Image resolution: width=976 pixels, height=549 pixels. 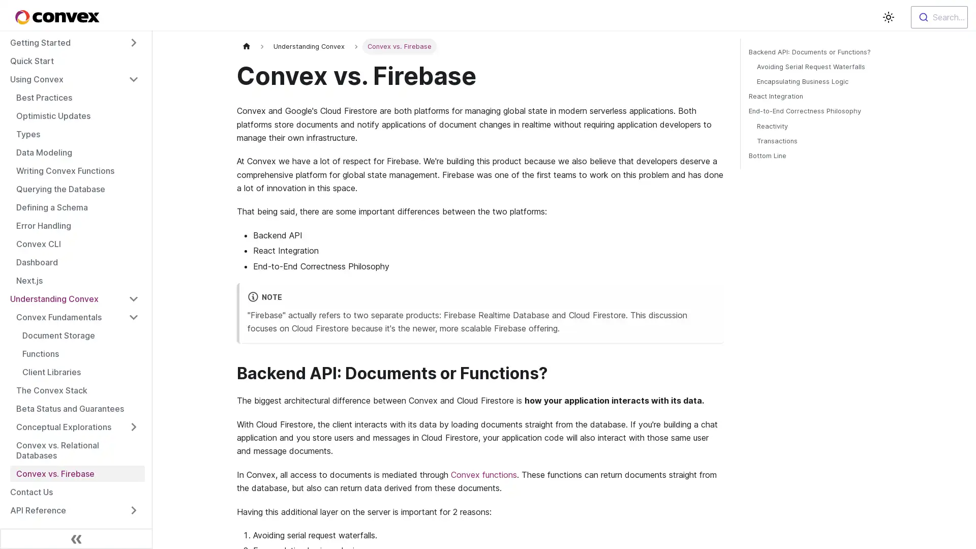 What do you see at coordinates (888, 17) in the screenshot?
I see `Switch between dark and light mode (currently light mode)` at bounding box center [888, 17].